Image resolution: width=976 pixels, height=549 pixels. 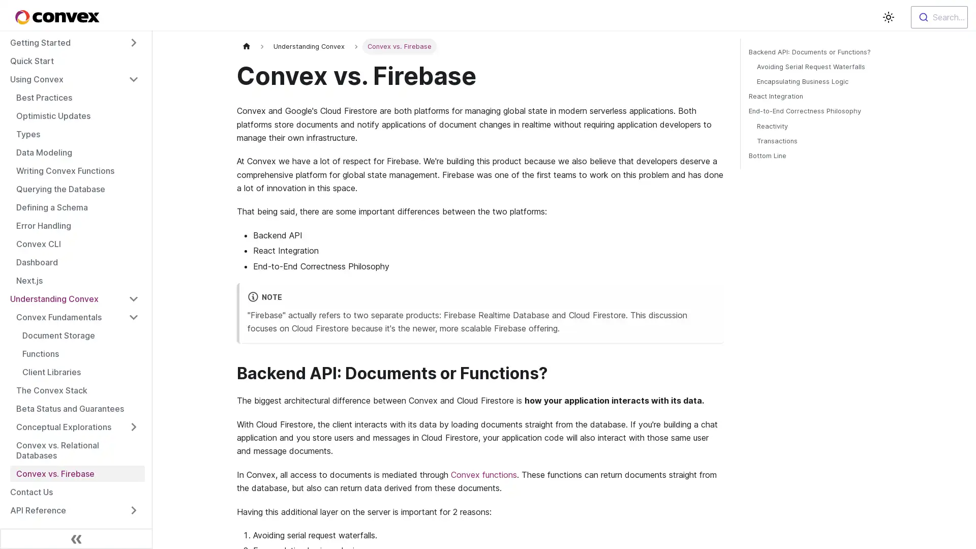 What do you see at coordinates (888, 17) in the screenshot?
I see `Switch between dark and light mode (currently light mode)` at bounding box center [888, 17].